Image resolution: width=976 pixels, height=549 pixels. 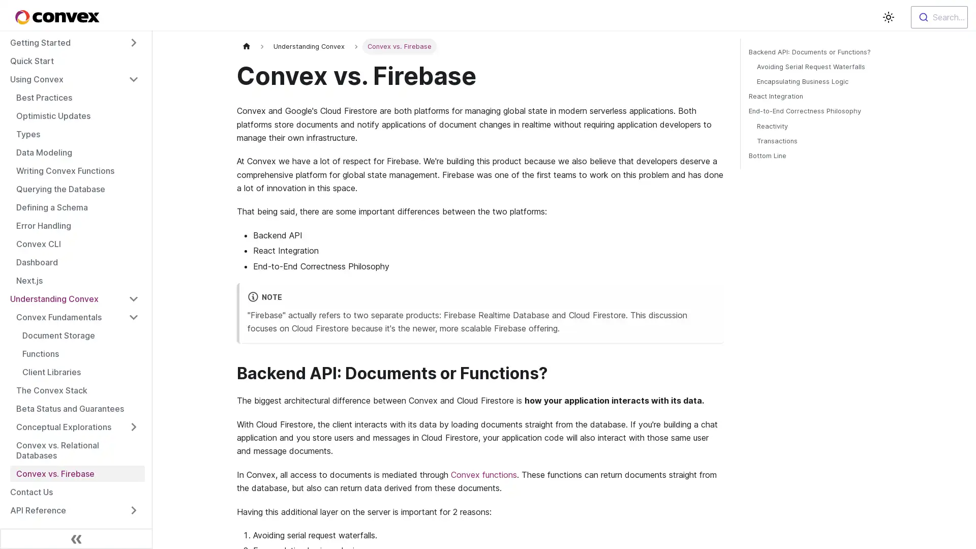 What do you see at coordinates (888, 17) in the screenshot?
I see `Switch between dark and light mode (currently light mode)` at bounding box center [888, 17].